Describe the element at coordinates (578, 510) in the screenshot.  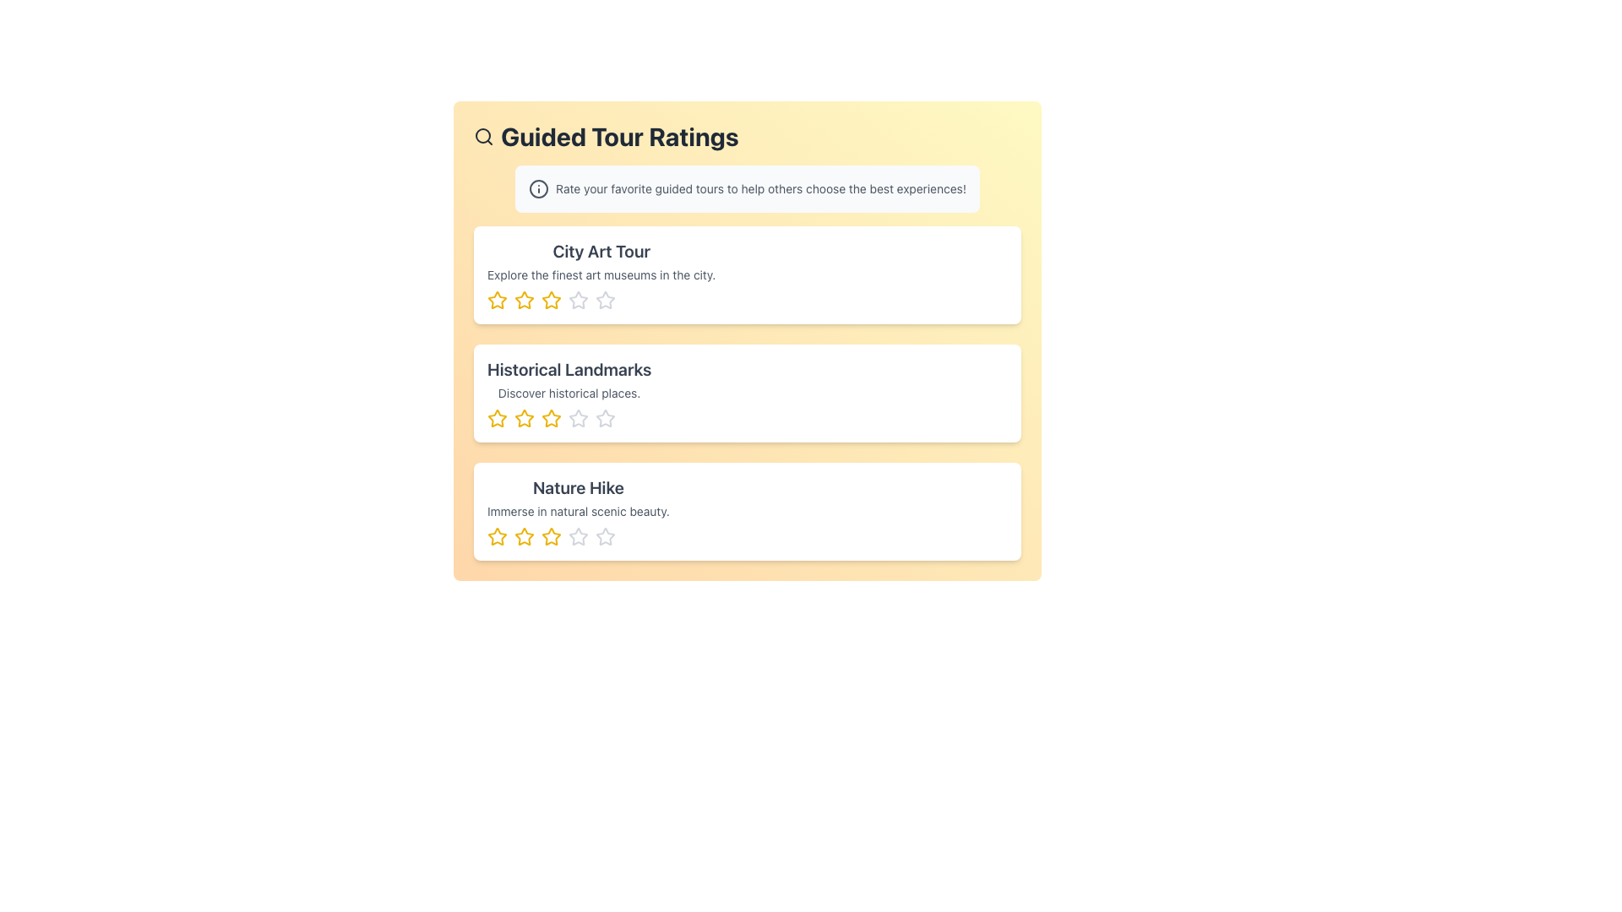
I see `the Text Label providing a brief description about the 'Nature Hike' section, located under the 'Guided Tour Ratings' header` at that location.